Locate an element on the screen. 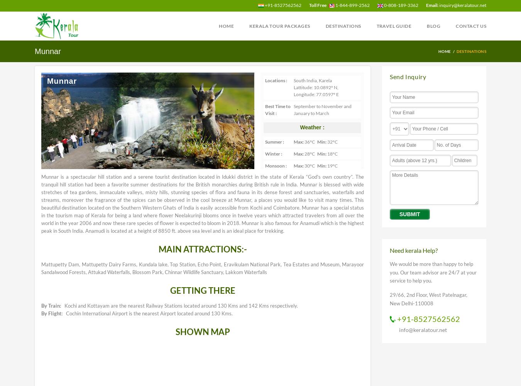 The image size is (521, 386). 'Mattupetty Dam, Mattupetty Dairy Farms, Kundala lake, Top Station, Echo Point, Eravikulam National Park, Tea Estates and Museum, Marayoor Sandalwood Forests, Attukad Waterfalls, Blossom Park, Chinnar Wildlife Sanctuary, Lakkom Waterfalls' is located at coordinates (202, 267).